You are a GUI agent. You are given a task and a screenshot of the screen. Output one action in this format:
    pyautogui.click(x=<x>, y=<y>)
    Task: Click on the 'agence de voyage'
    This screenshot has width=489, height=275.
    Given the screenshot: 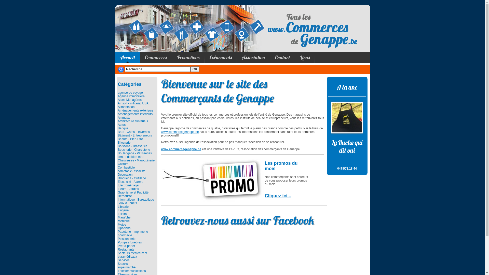 What is the action you would take?
    pyautogui.click(x=130, y=92)
    